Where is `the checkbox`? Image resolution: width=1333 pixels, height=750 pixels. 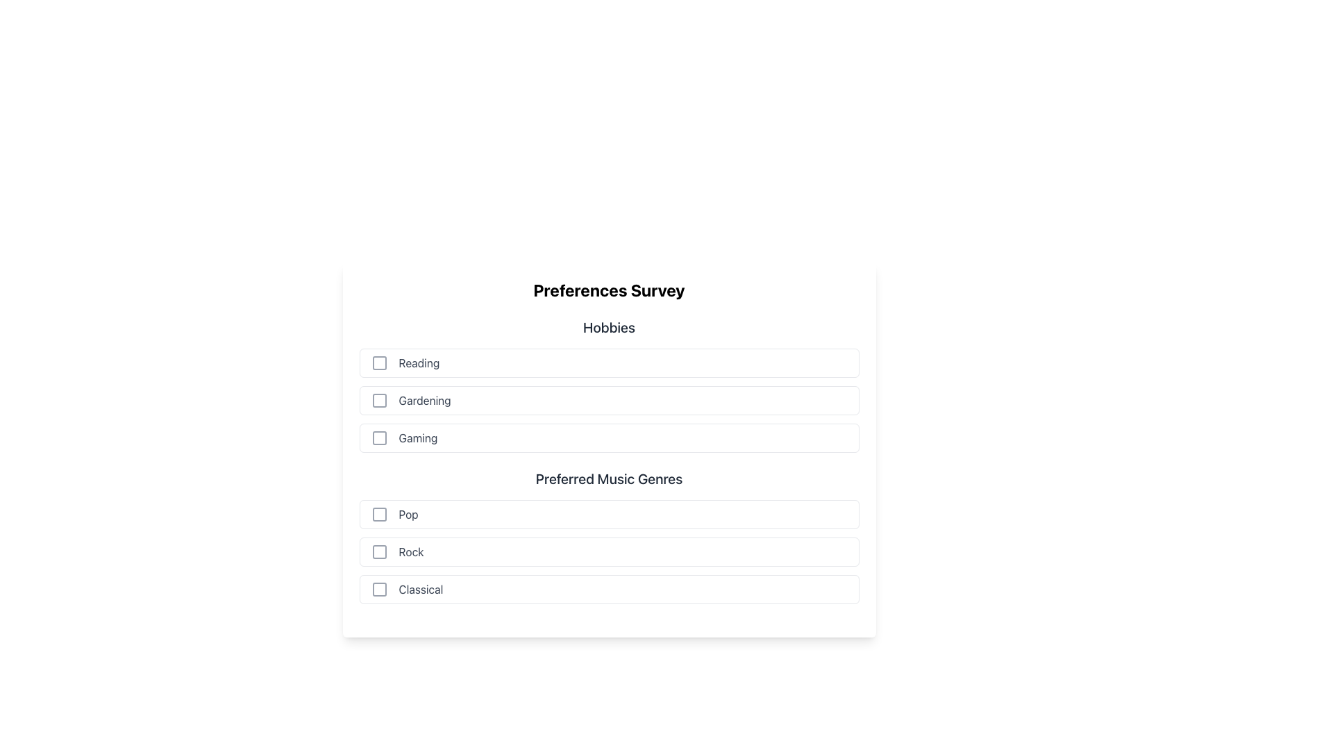 the checkbox is located at coordinates (379, 589).